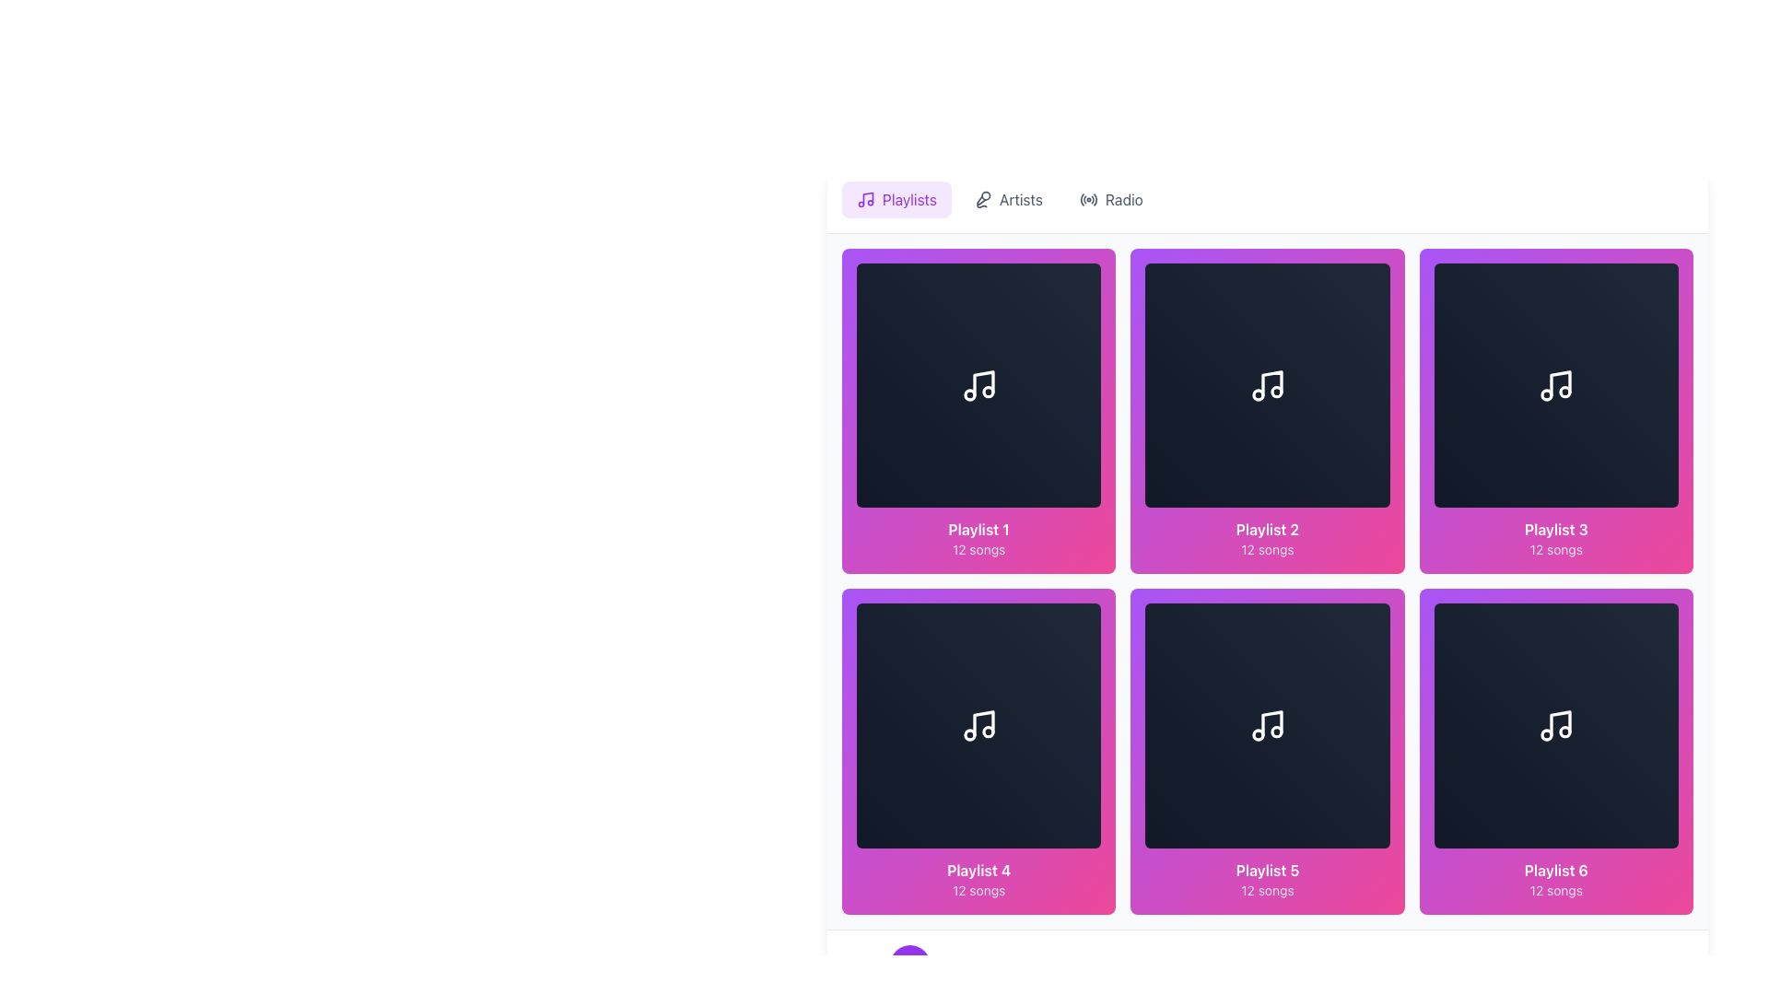  Describe the element at coordinates (978, 530) in the screenshot. I see `the text label displaying 'Playlist 1' which is located at the bottom center of the card with a pink and purple gradient background` at that location.